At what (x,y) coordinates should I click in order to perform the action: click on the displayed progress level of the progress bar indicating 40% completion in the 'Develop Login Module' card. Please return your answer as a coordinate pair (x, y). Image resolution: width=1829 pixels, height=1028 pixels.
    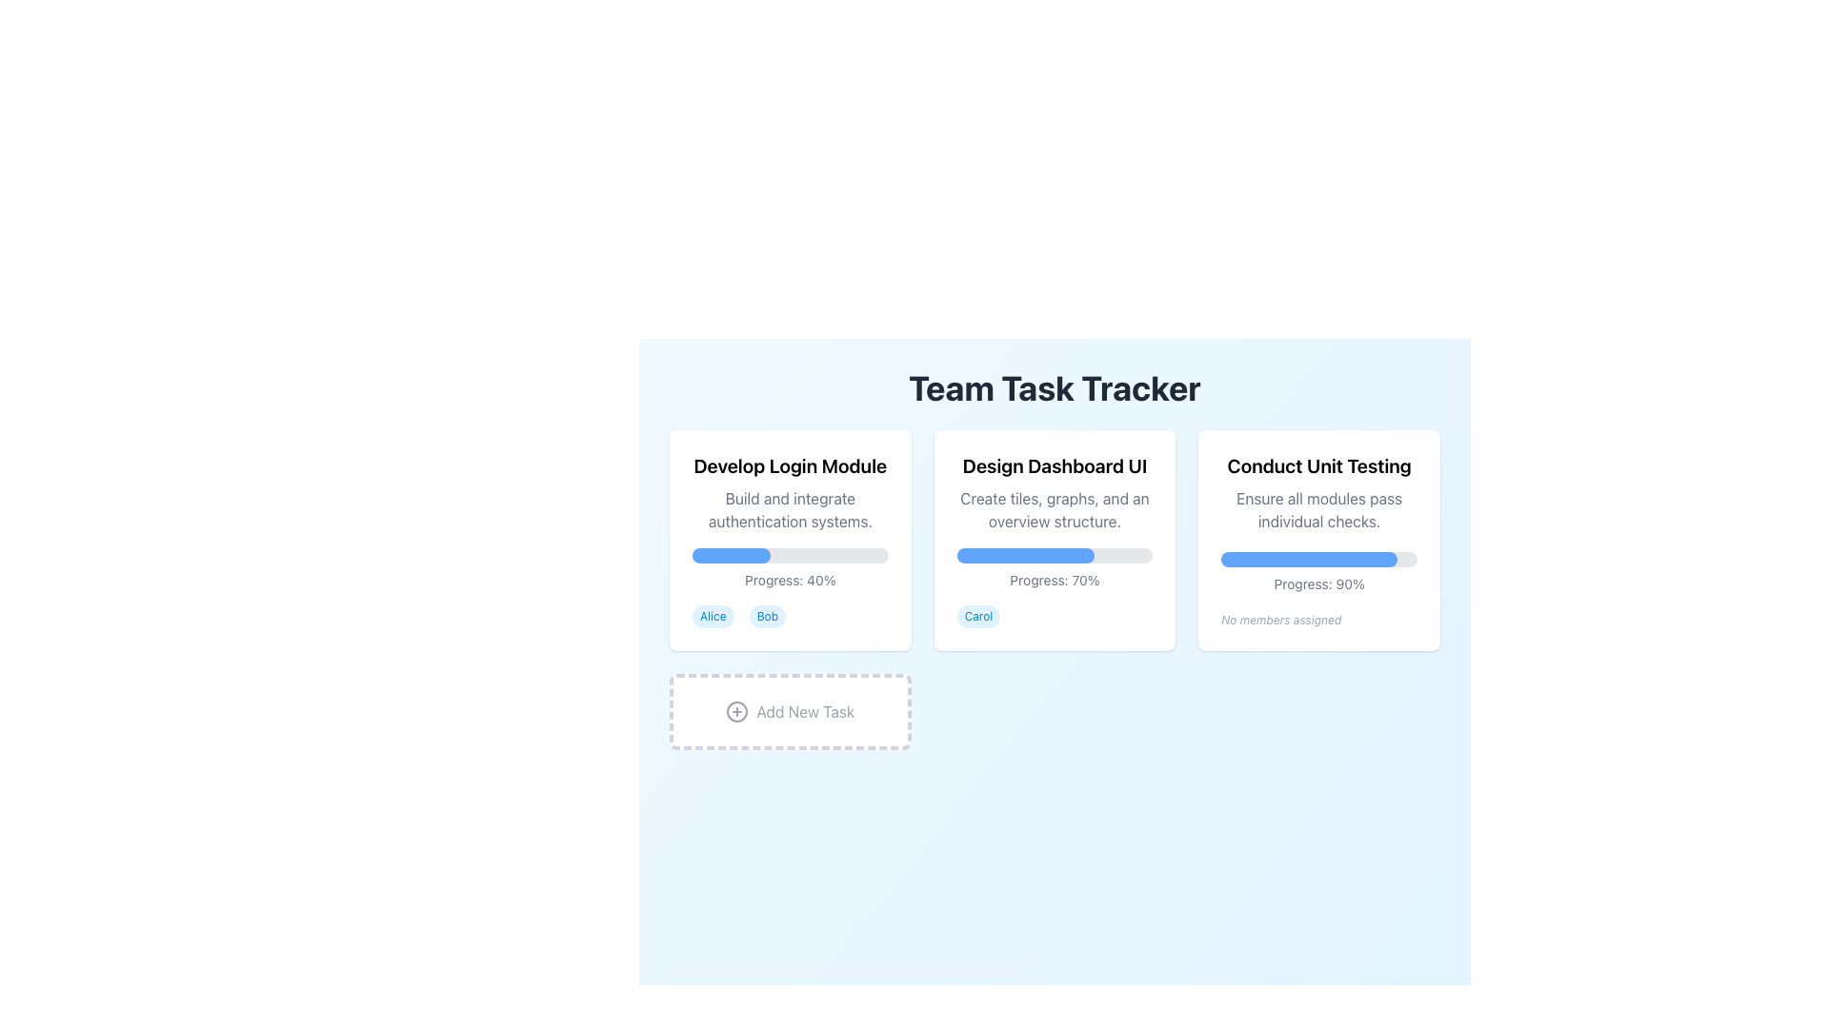
    Looking at the image, I should click on (731, 555).